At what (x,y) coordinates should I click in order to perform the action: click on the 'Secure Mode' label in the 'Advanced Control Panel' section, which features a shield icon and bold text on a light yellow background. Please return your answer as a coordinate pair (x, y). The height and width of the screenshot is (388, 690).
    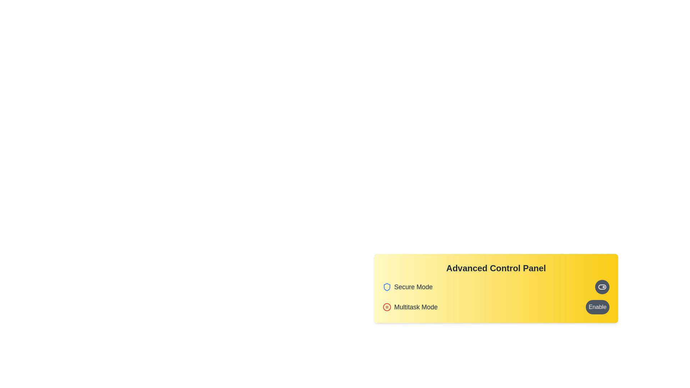
    Looking at the image, I should click on (408, 286).